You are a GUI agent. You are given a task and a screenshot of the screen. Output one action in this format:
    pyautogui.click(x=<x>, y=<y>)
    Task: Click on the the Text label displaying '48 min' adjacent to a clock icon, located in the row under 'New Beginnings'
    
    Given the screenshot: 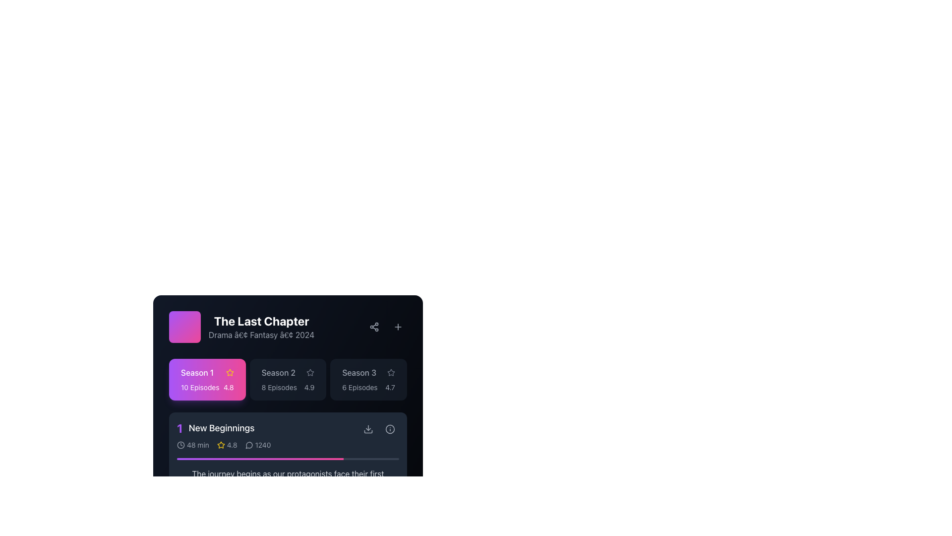 What is the action you would take?
    pyautogui.click(x=193, y=445)
    